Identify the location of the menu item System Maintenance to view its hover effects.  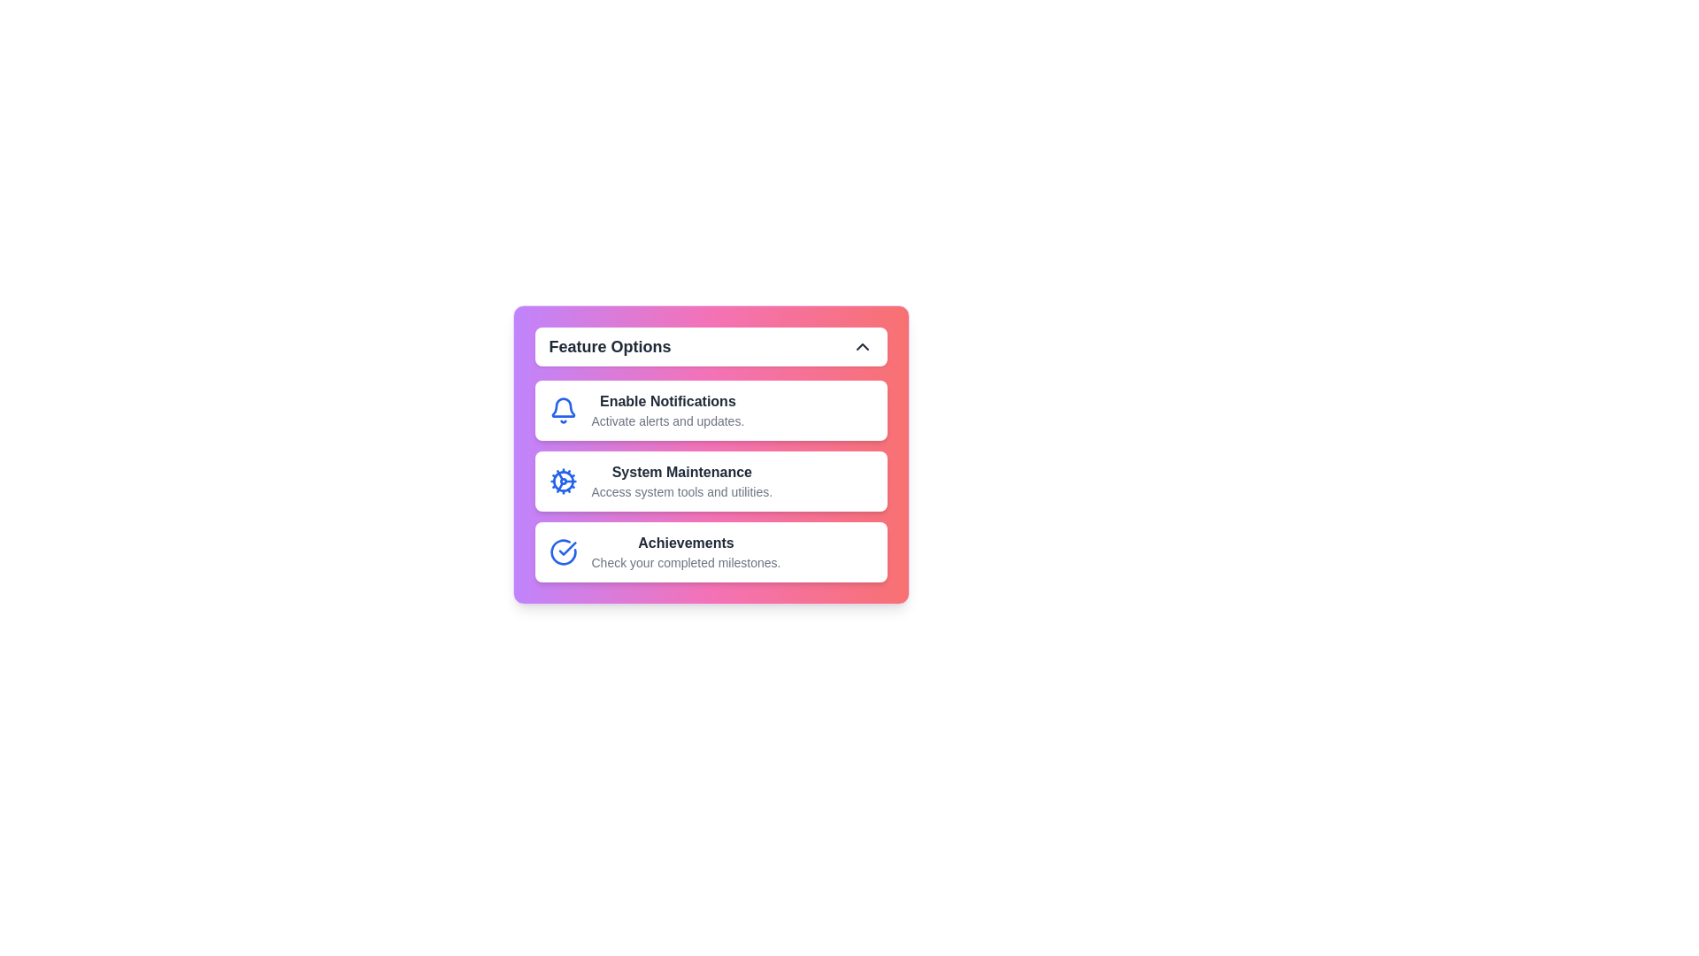
(711, 481).